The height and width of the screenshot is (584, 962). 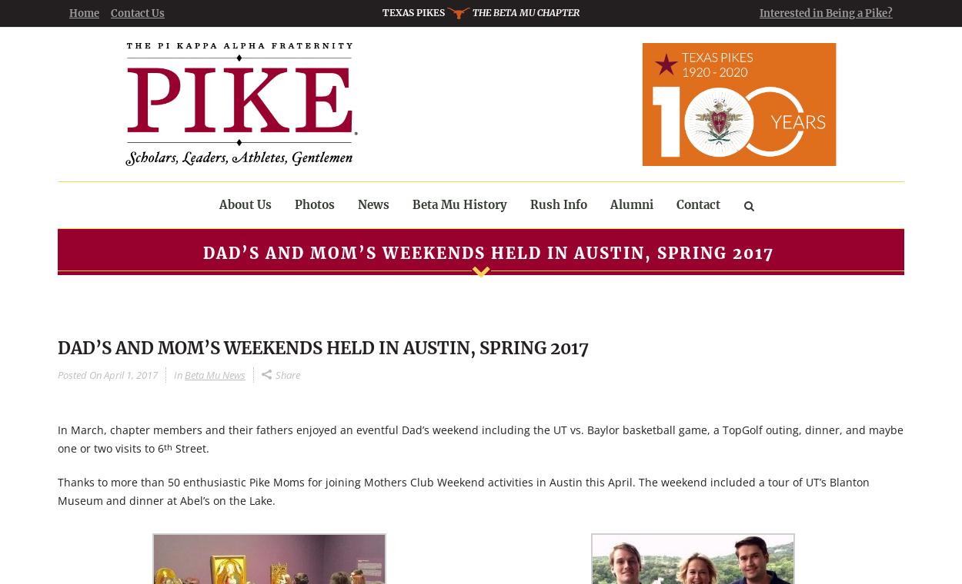 I want to click on 'Posted on', so click(x=78, y=374).